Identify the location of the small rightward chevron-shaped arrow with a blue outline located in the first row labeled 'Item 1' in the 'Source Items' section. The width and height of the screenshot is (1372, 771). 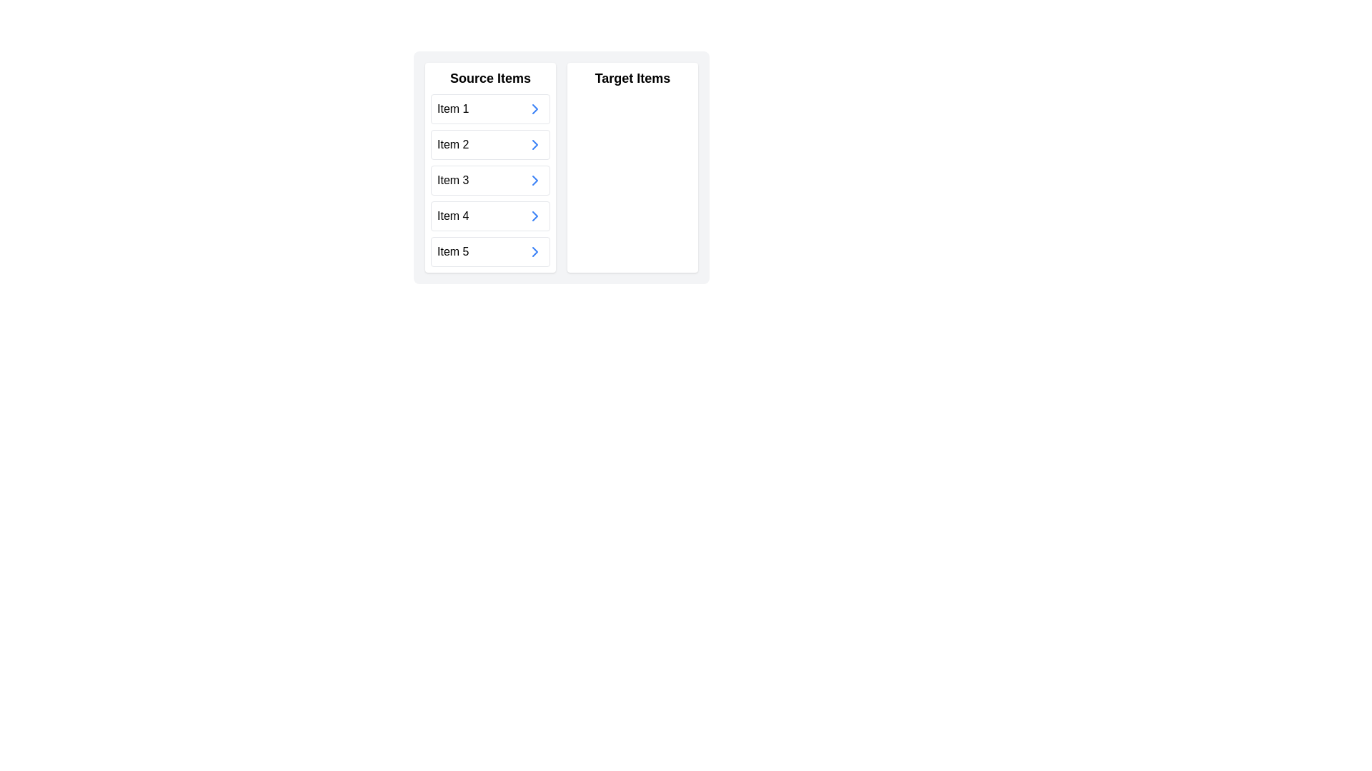
(534, 109).